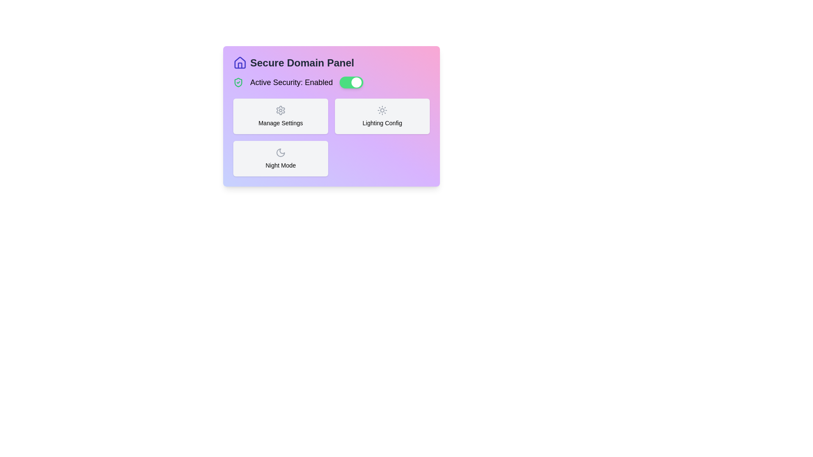 The width and height of the screenshot is (813, 457). What do you see at coordinates (239, 65) in the screenshot?
I see `the door representation of the house icon, which is a vertical rectangle with rounded corners located in the top-left corner of the panel` at bounding box center [239, 65].